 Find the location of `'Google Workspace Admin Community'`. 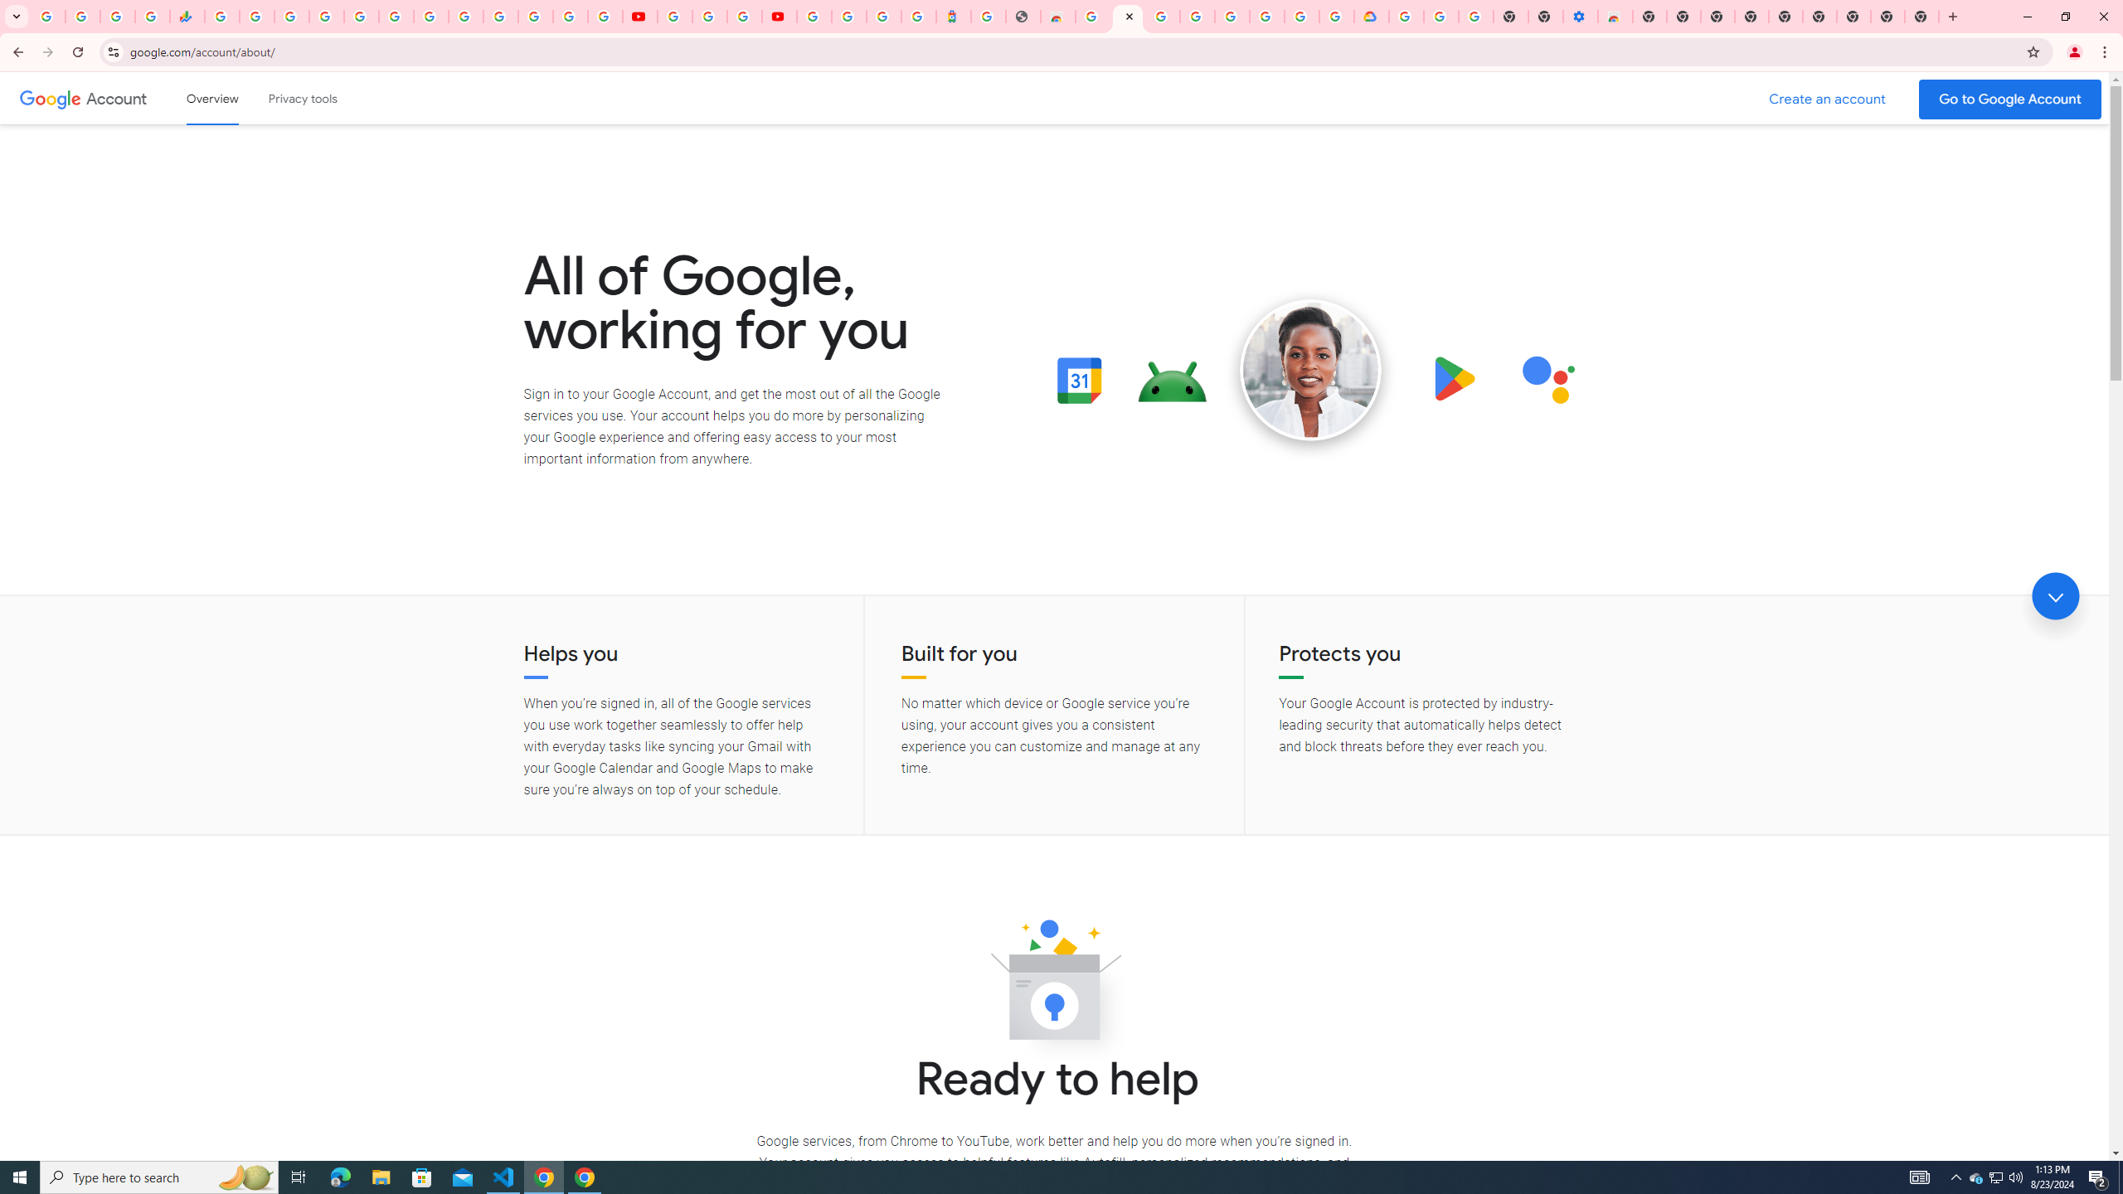

'Google Workspace Admin Community' is located at coordinates (47, 16).